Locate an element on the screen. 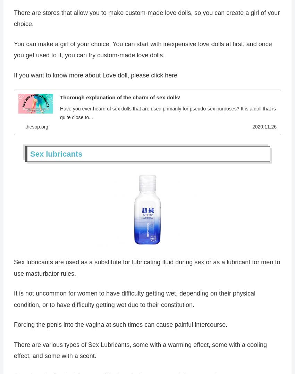  'You can make a girl of your choice. You can start with inexpensive love dolls at first, and once you get used to it, you can try custom-made love dolls.' is located at coordinates (14, 51).